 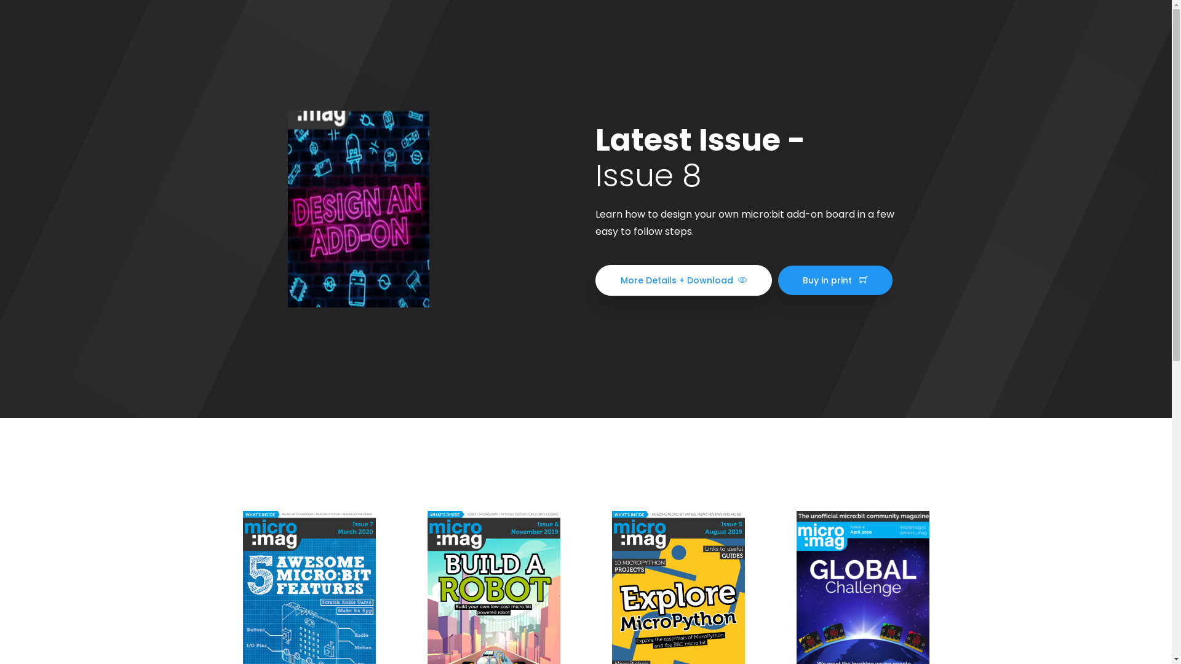 I want to click on 'More Details + Download', so click(x=683, y=280).